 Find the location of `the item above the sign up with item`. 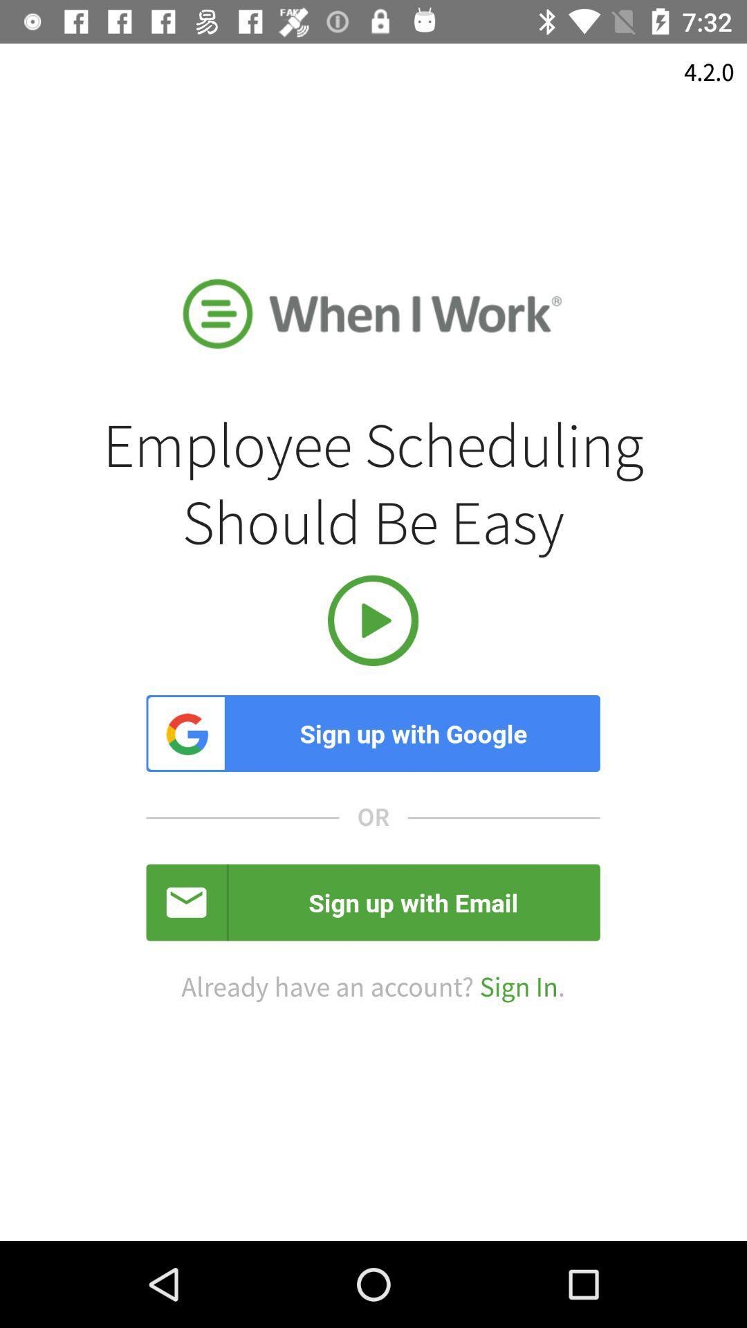

the item above the sign up with item is located at coordinates (372, 620).